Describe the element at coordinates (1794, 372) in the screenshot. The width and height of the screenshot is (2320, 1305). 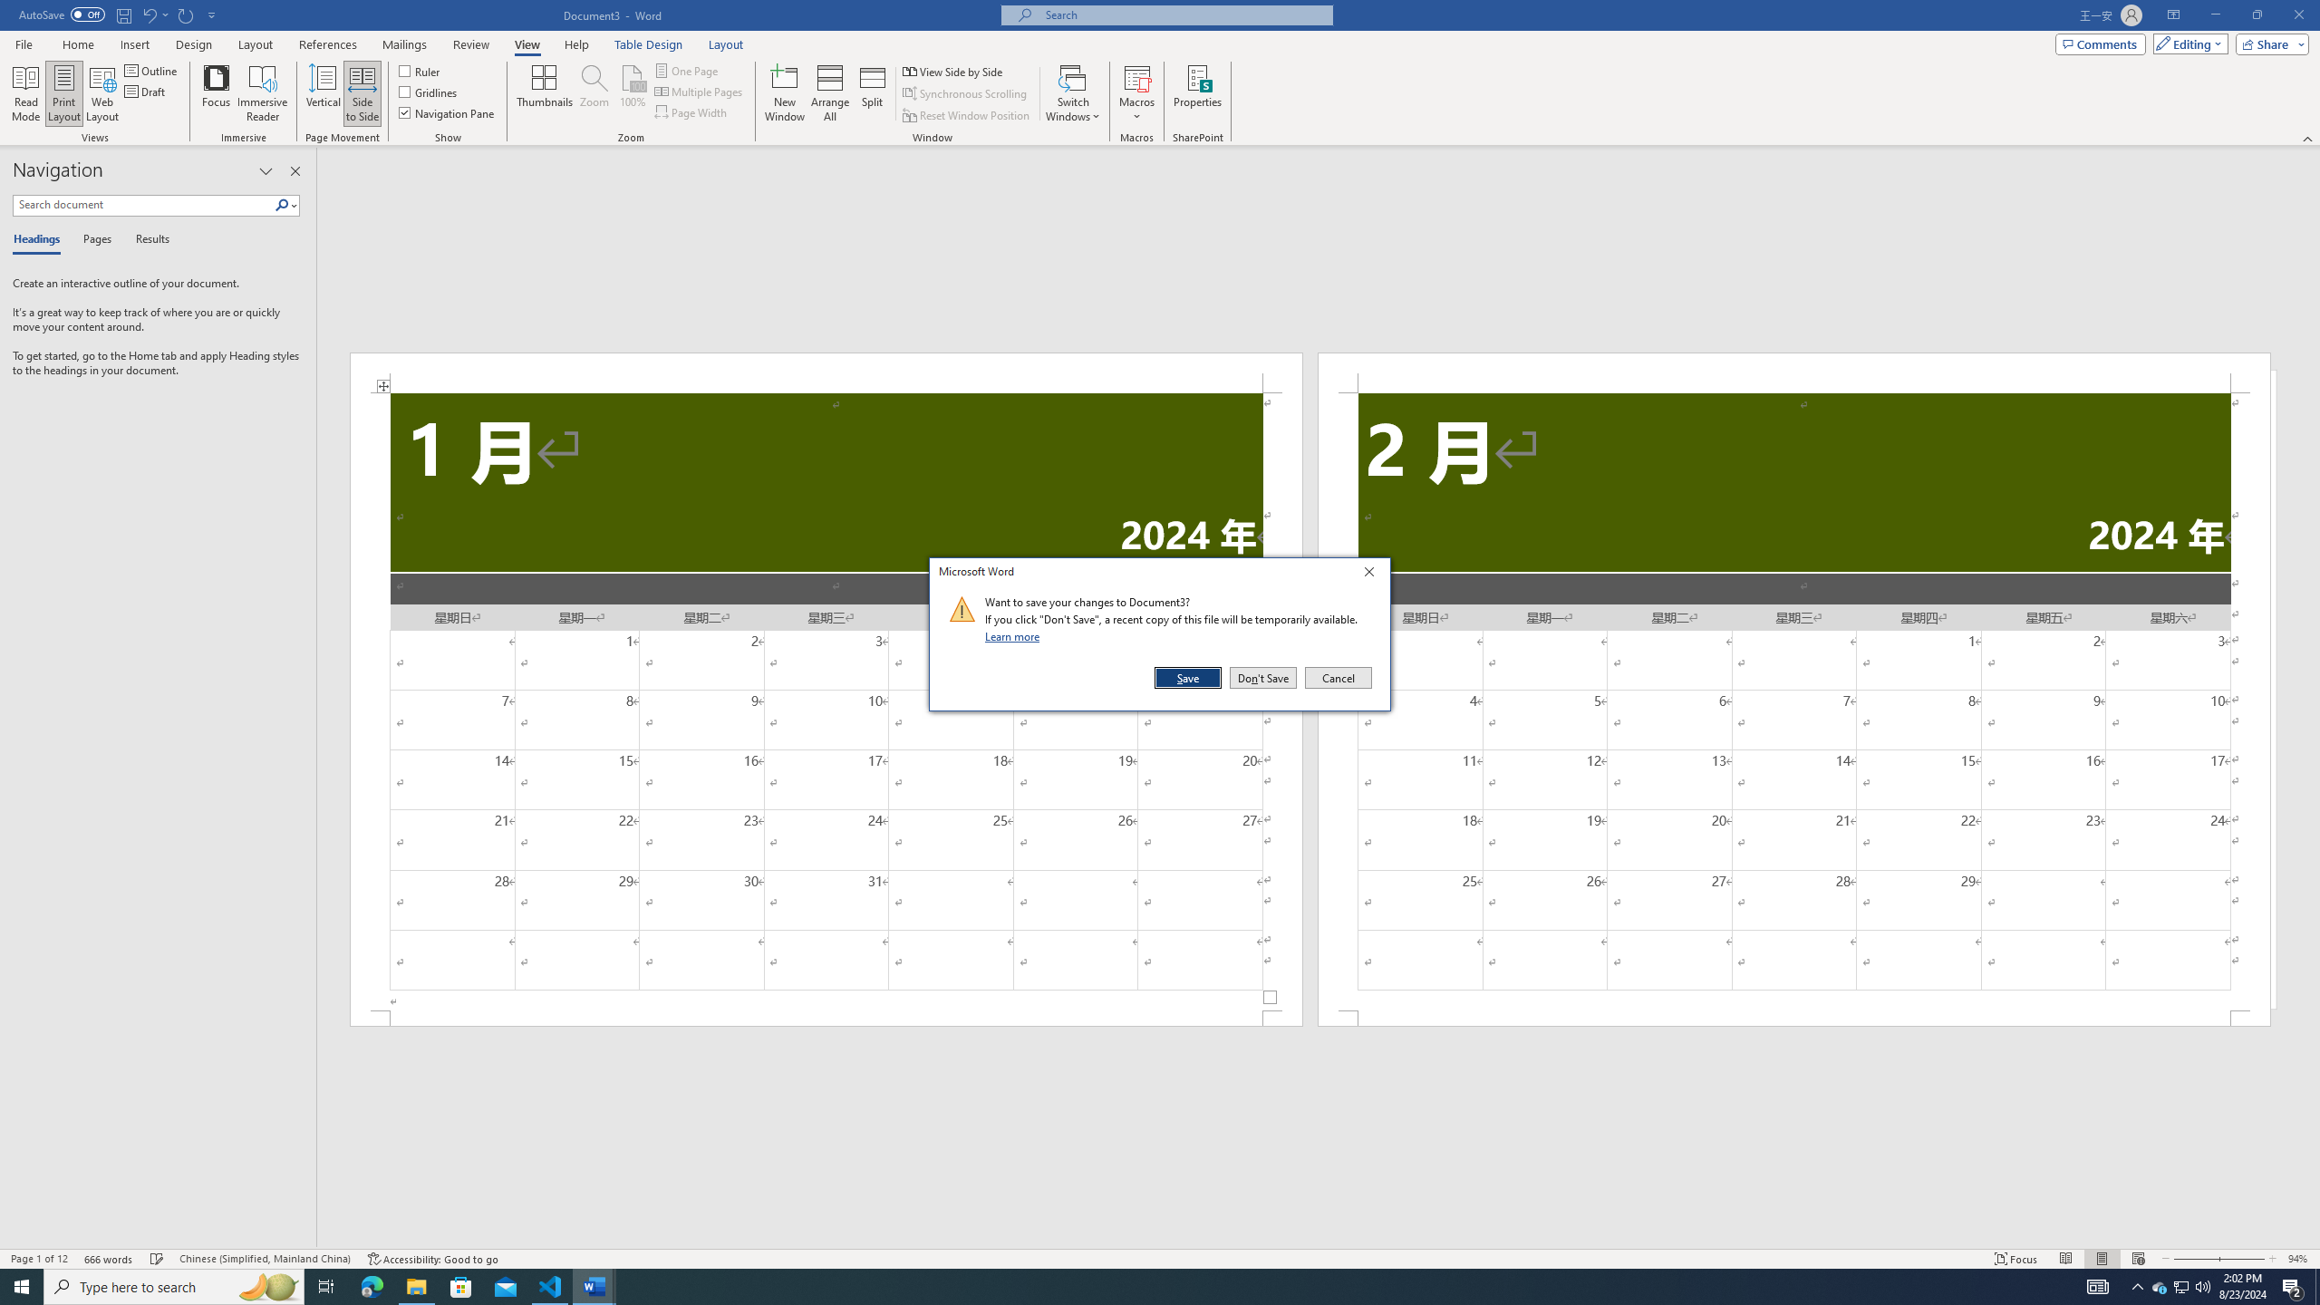
I see `'Header -Section 2-'` at that location.